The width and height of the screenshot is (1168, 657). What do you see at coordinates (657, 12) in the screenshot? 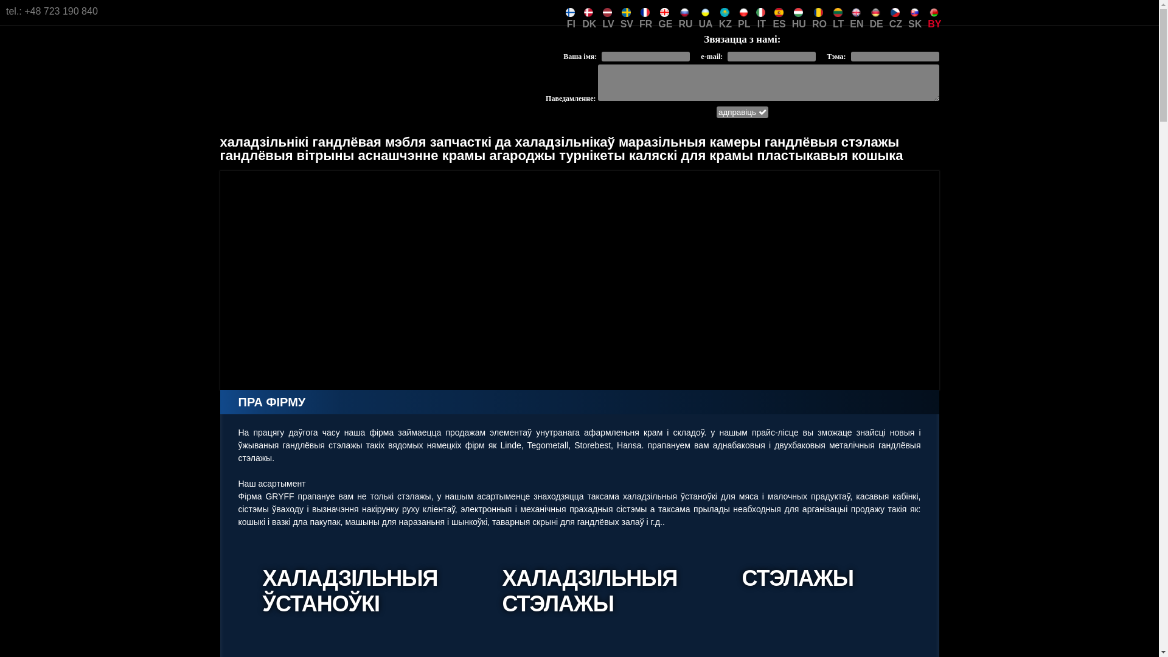
I see `'GE'` at bounding box center [657, 12].